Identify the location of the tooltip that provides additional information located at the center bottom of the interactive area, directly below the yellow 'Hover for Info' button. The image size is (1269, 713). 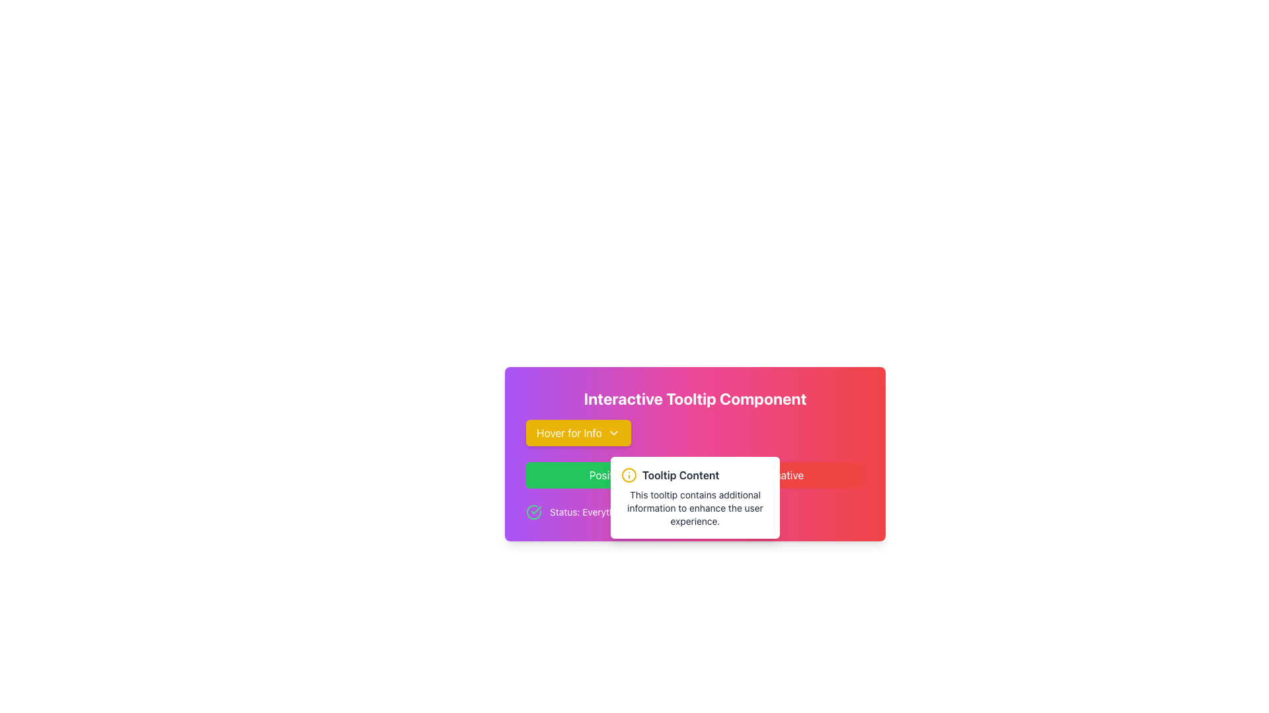
(694, 497).